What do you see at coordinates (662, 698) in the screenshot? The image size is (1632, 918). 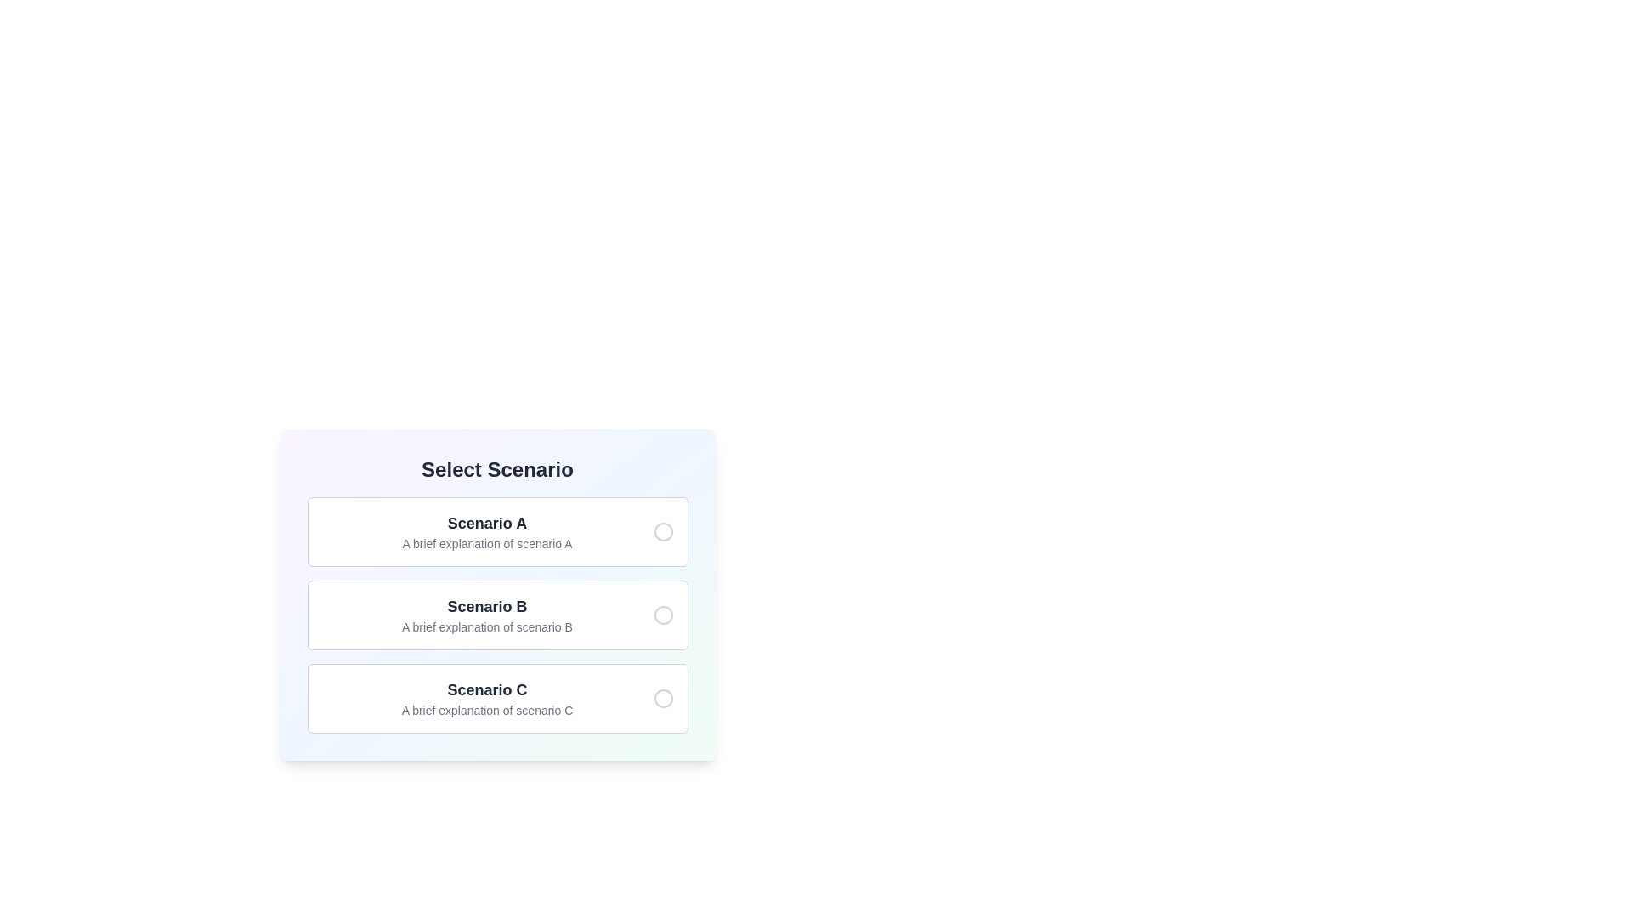 I see `the radio button indicating the selection for 'Scenario C' in the group of options` at bounding box center [662, 698].